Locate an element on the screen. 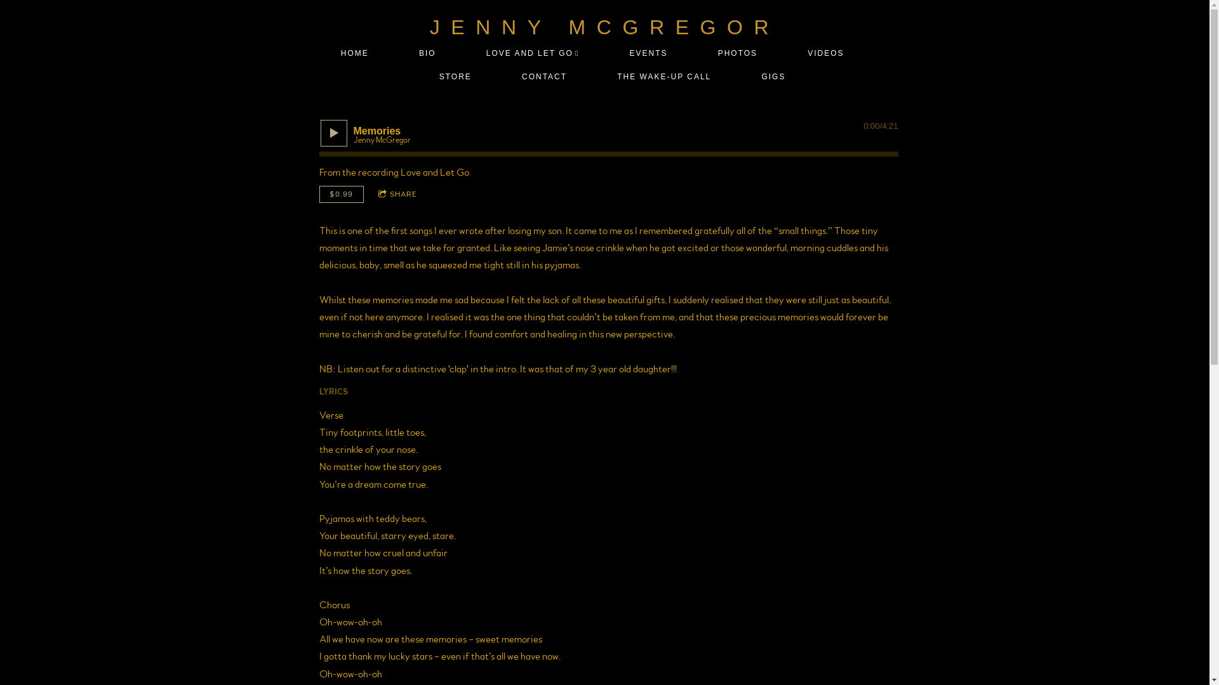 This screenshot has width=1219, height=685. 'STORE' is located at coordinates (429, 77).